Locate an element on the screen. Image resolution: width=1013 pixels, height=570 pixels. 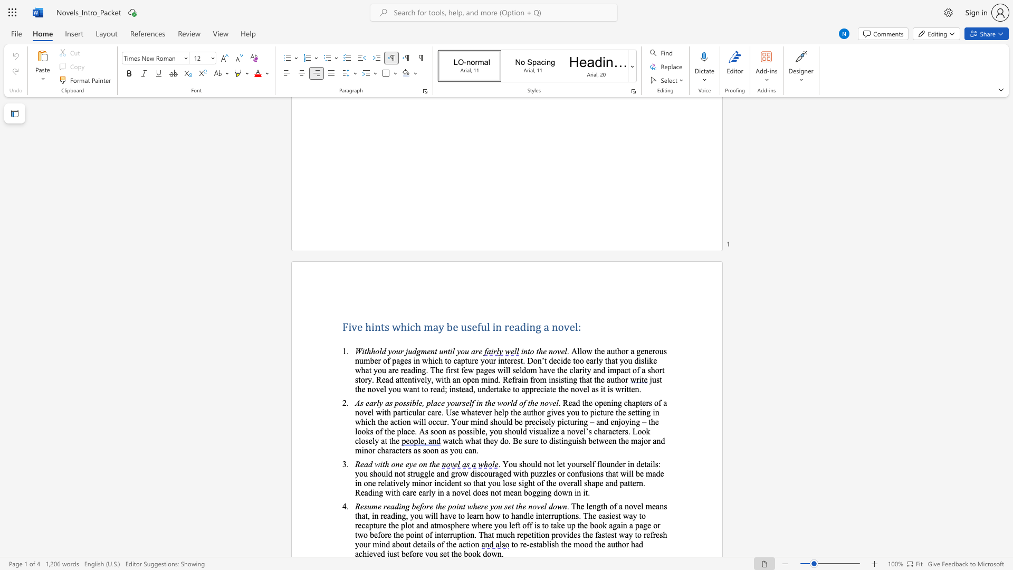
the subset text "n details: you should no" within the text ". You should not let yourself flounder in details: you should not struggle and grow discouraged with puzzles or confusions that will be made in one" is located at coordinates (630, 463).